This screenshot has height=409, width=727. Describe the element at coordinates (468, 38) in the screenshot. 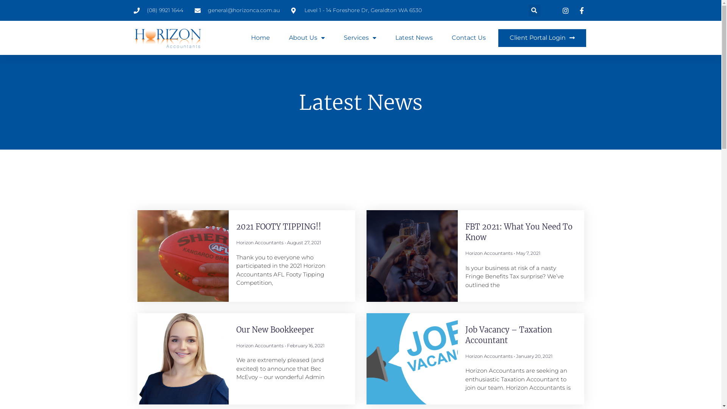

I see `'Contact Us'` at that location.